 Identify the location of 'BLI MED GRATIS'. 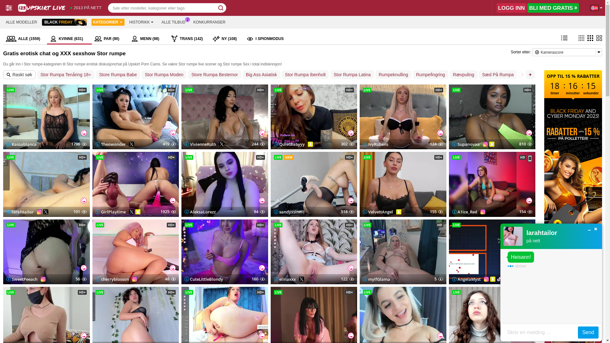
(553, 8).